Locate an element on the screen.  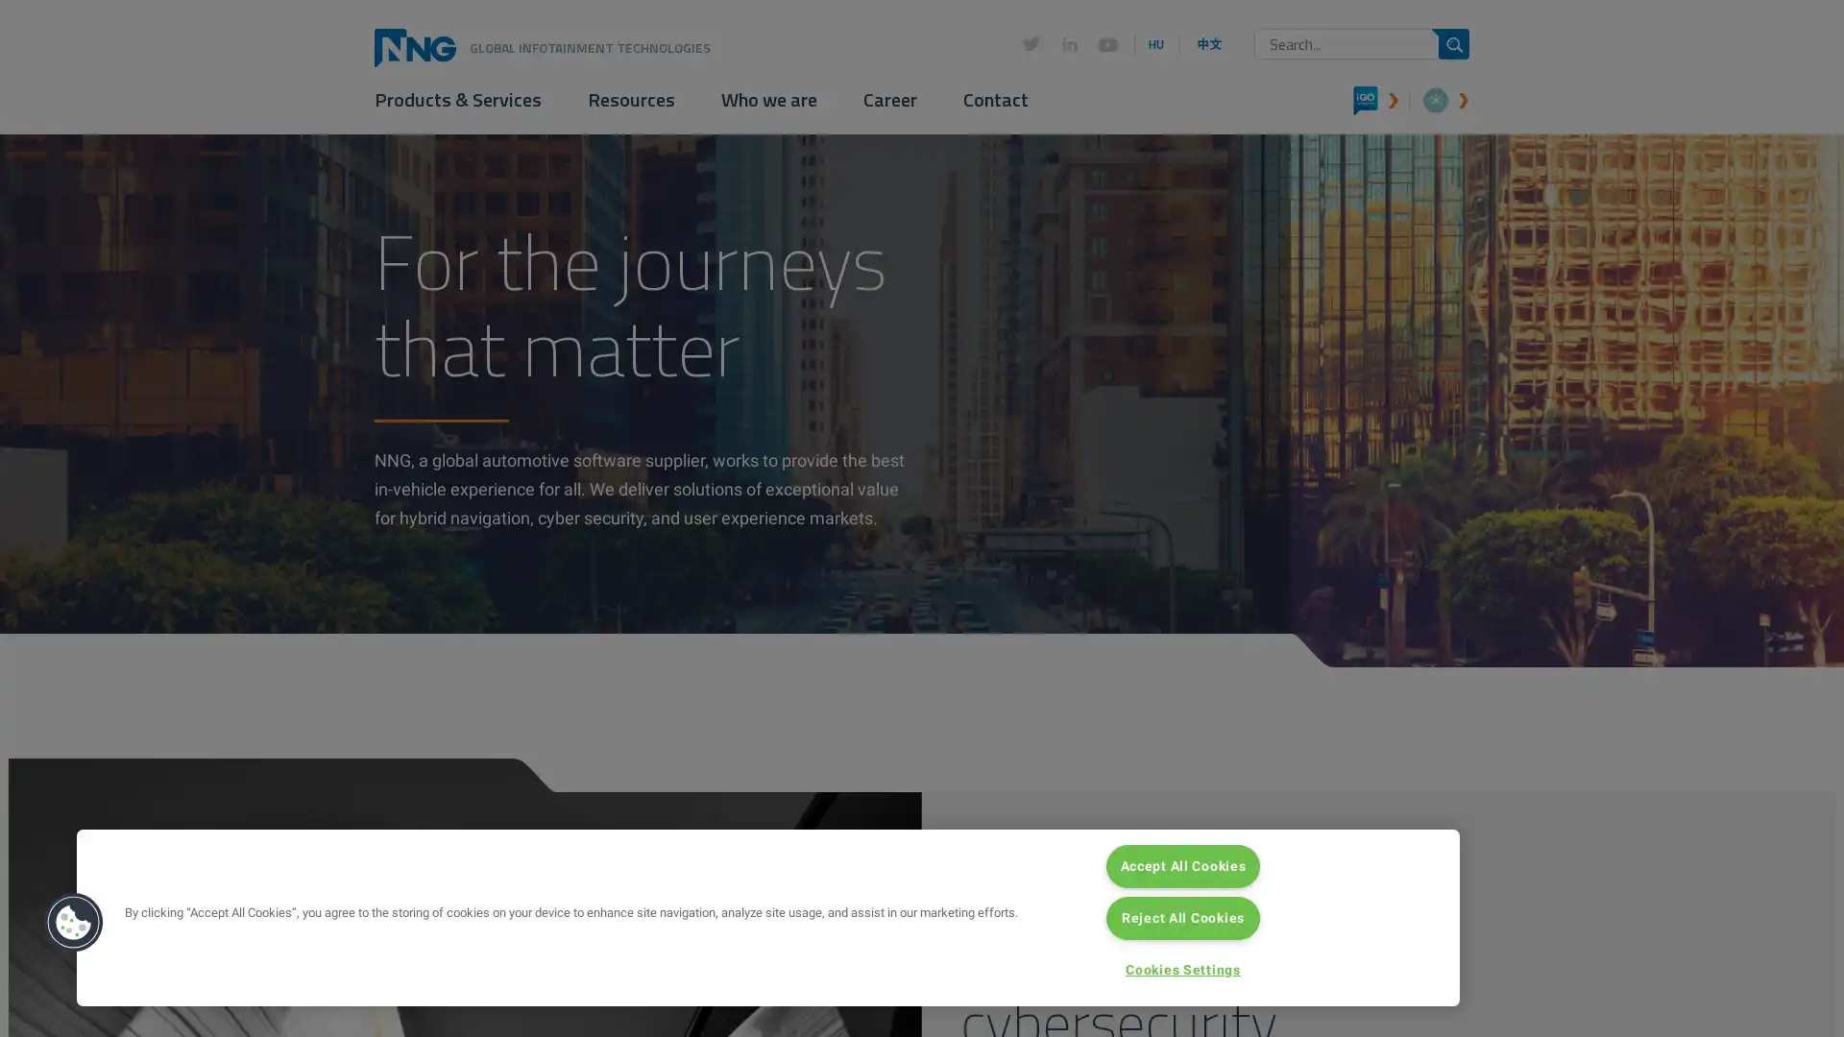
Reject All Cookies is located at coordinates (1182, 917).